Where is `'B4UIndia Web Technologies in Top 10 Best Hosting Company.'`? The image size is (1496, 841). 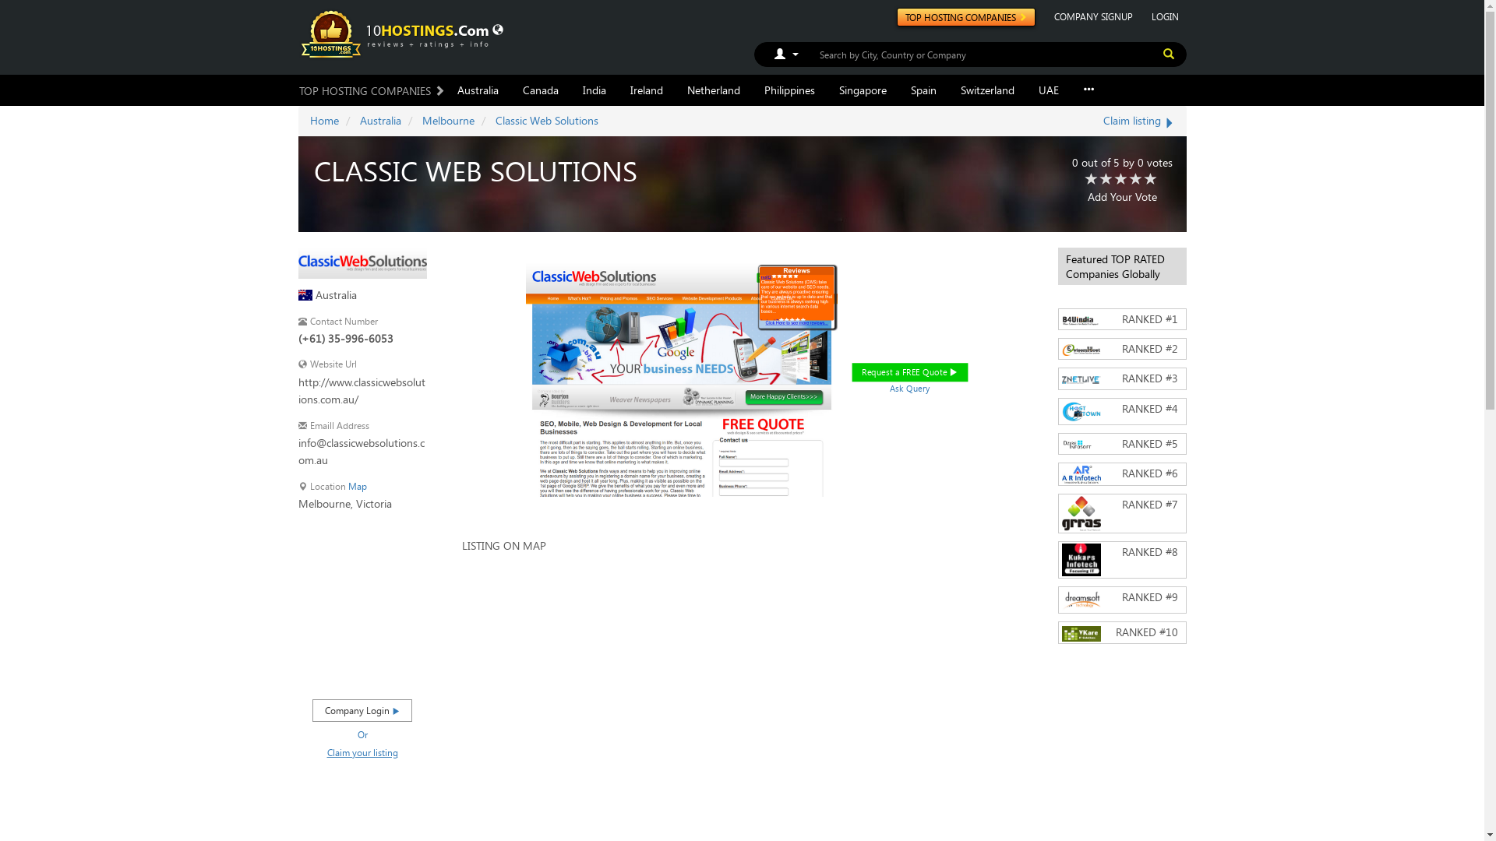 'B4UIndia Web Technologies in Top 10 Best Hosting Company.' is located at coordinates (1080, 319).